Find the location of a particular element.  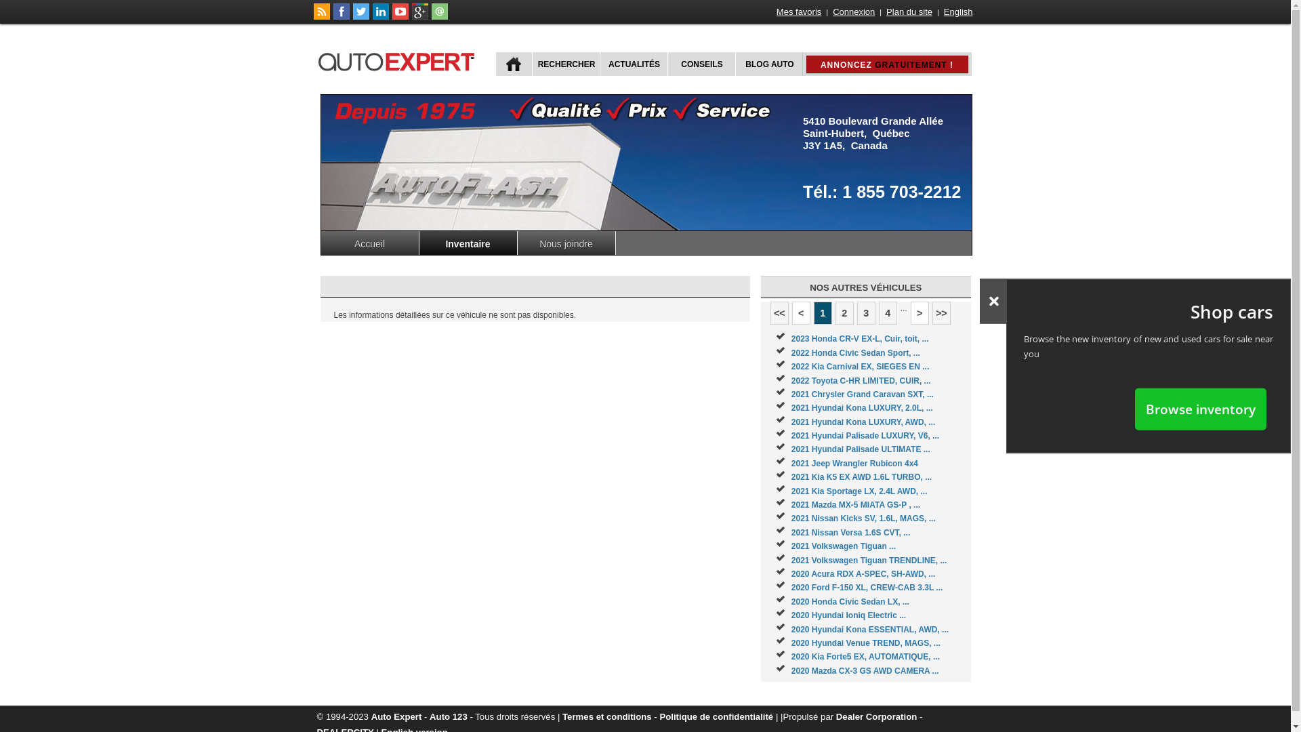

'2022 Honda Civic Sedan Sport, ...' is located at coordinates (854, 352).